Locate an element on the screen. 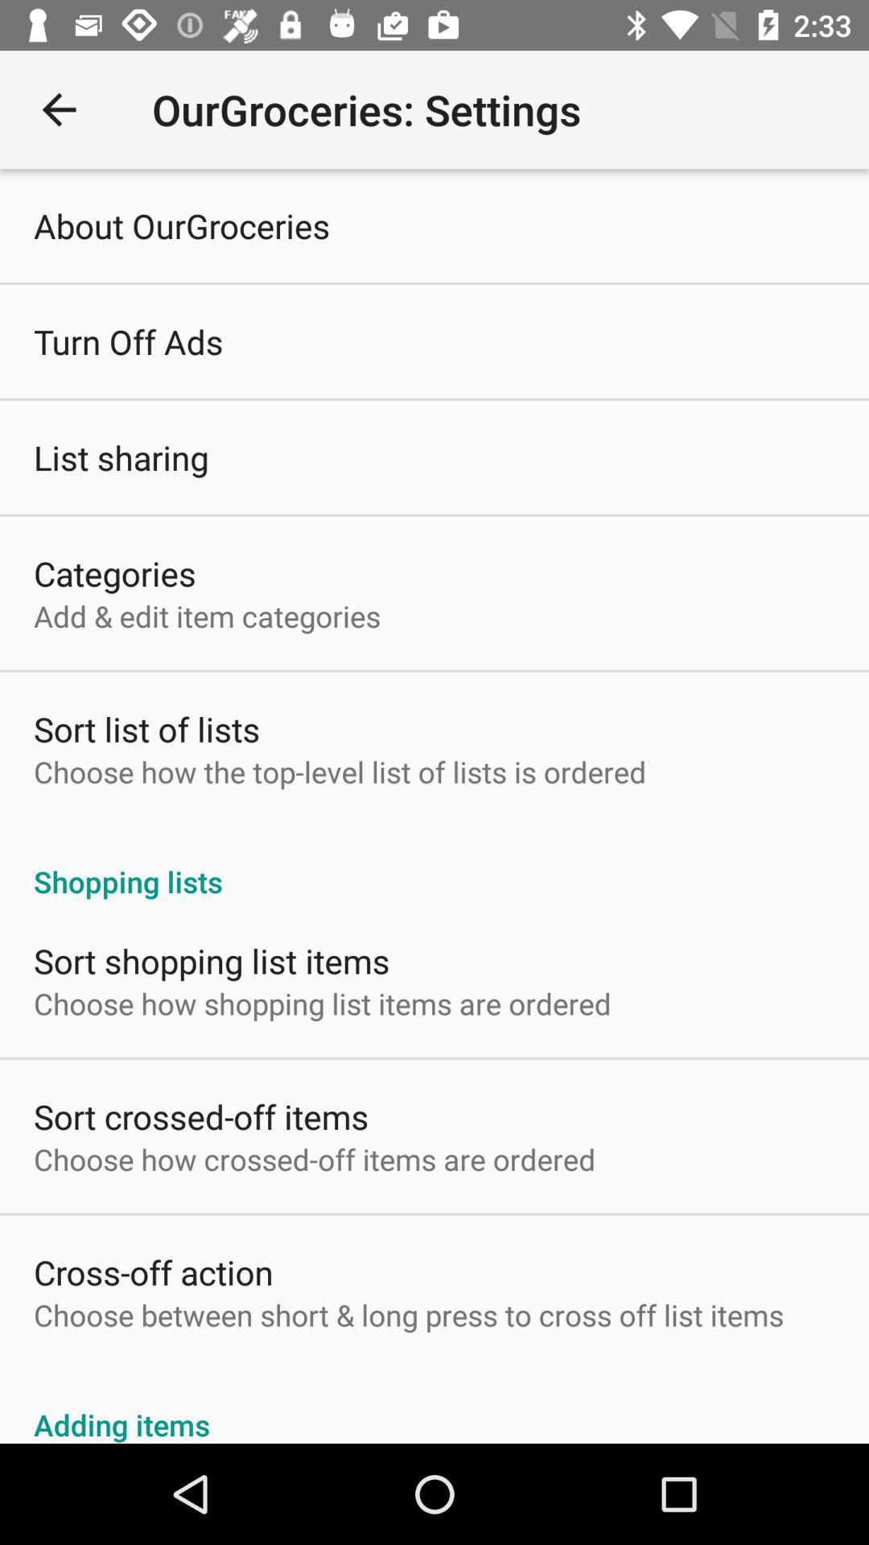 The width and height of the screenshot is (869, 1545). the icon above turn off ads icon is located at coordinates (181, 225).